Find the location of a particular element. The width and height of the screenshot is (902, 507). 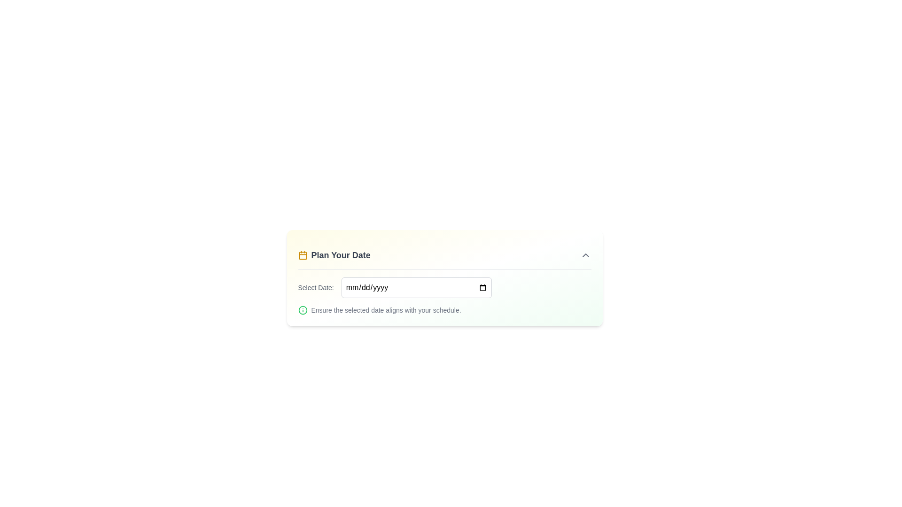

the date picker within the date selection panel is located at coordinates (444, 277).